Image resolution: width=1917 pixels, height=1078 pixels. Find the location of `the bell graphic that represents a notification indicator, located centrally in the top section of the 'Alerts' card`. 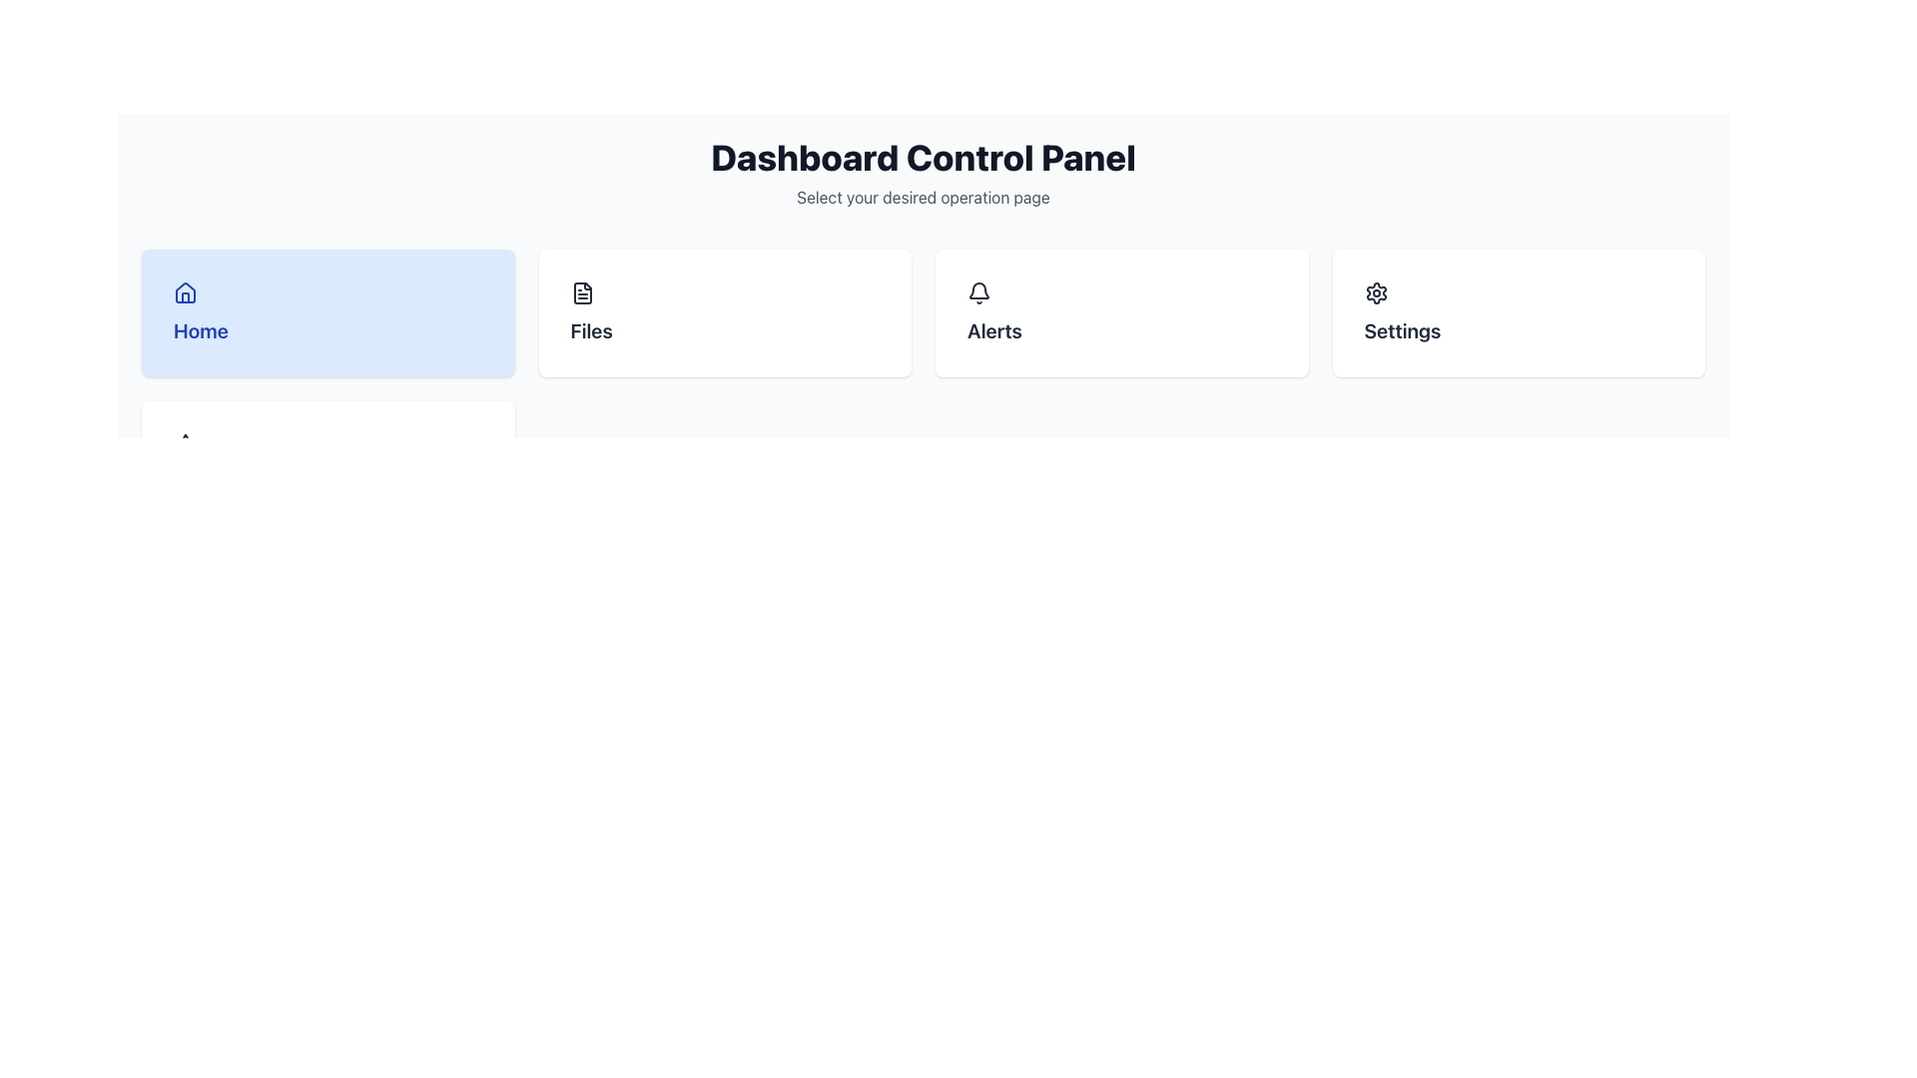

the bell graphic that represents a notification indicator, located centrally in the top section of the 'Alerts' card is located at coordinates (978, 290).